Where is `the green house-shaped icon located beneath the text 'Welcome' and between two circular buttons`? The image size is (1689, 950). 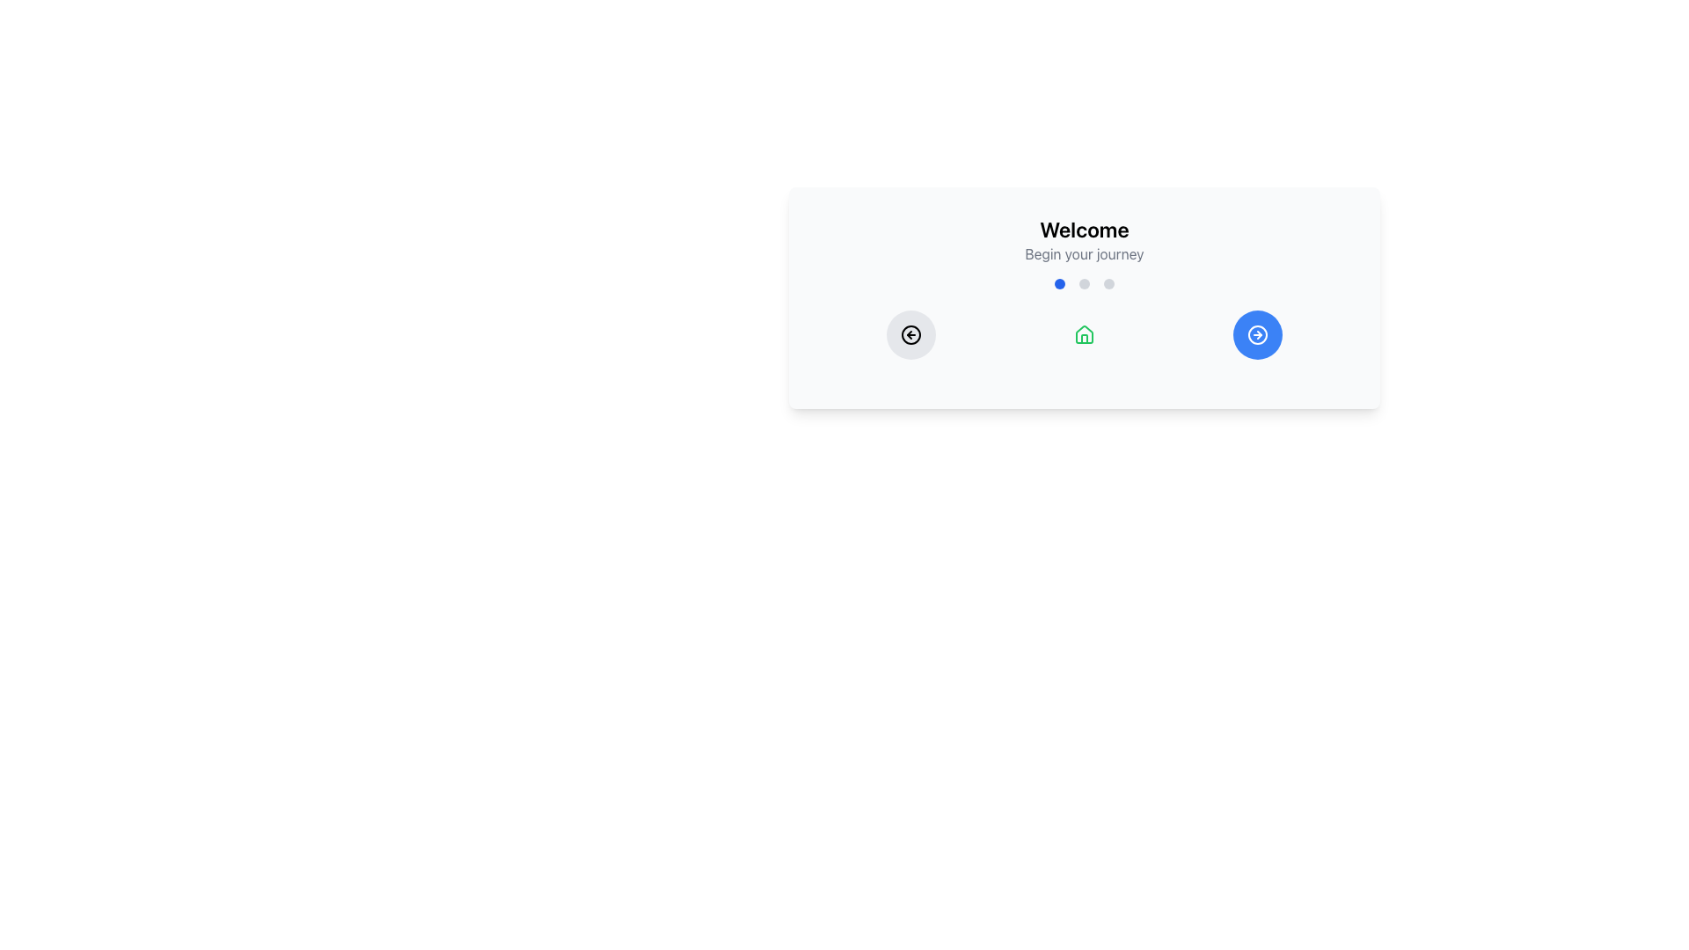 the green house-shaped icon located beneath the text 'Welcome' and between two circular buttons is located at coordinates (1084, 335).